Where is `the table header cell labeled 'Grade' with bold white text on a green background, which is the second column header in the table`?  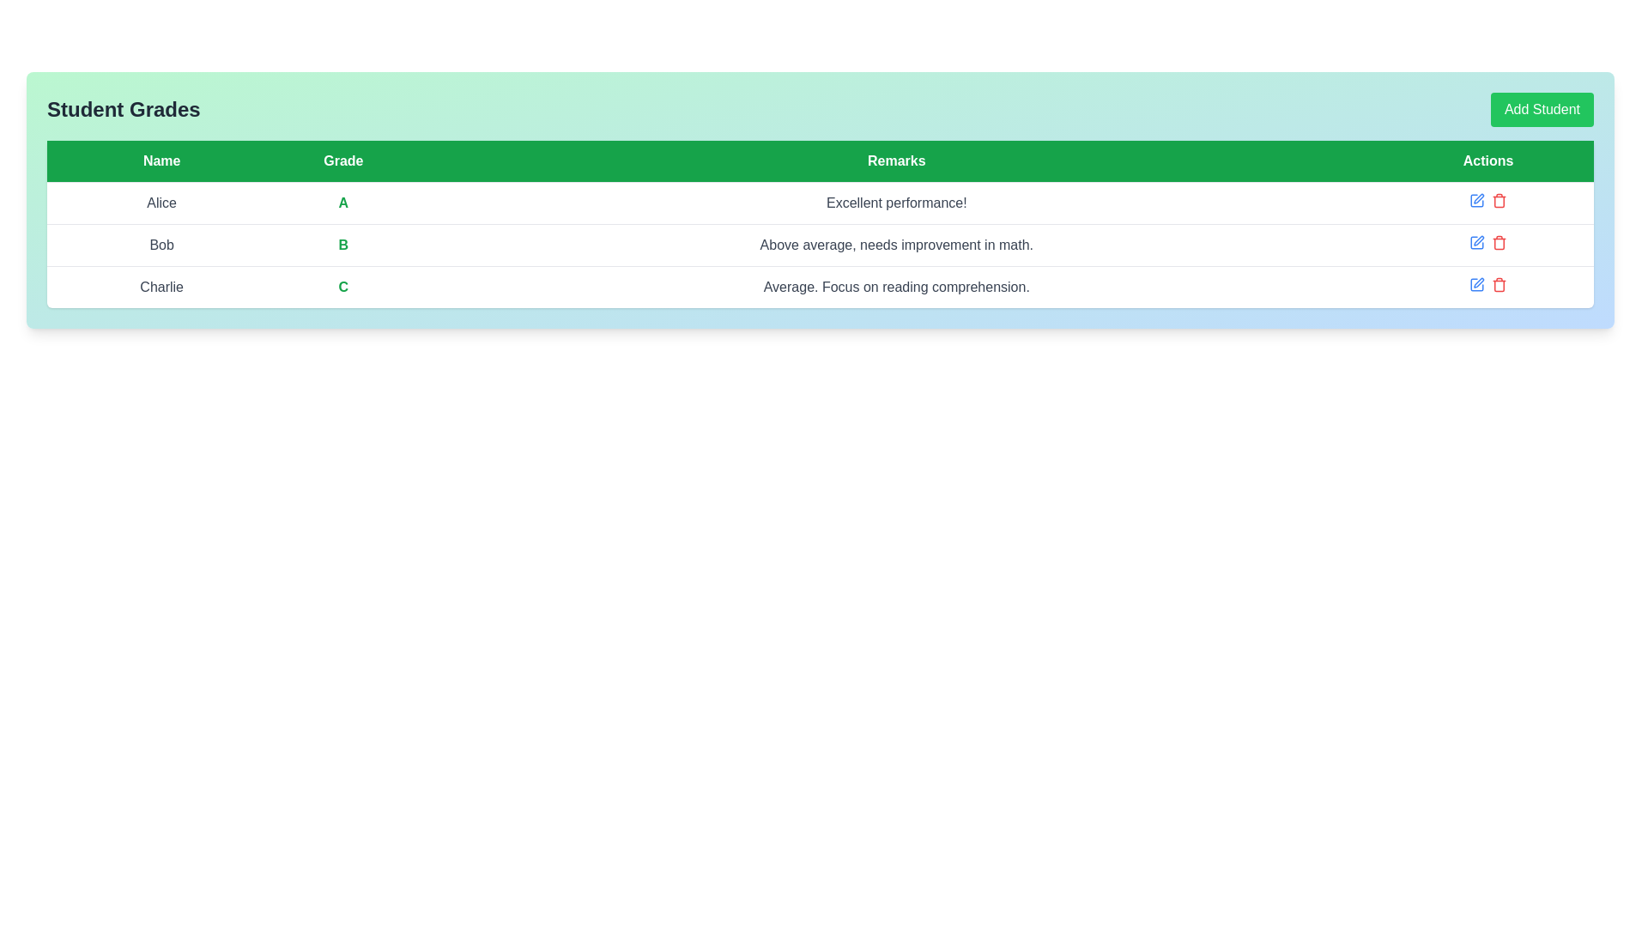 the table header cell labeled 'Grade' with bold white text on a green background, which is the second column header in the table is located at coordinates (343, 161).